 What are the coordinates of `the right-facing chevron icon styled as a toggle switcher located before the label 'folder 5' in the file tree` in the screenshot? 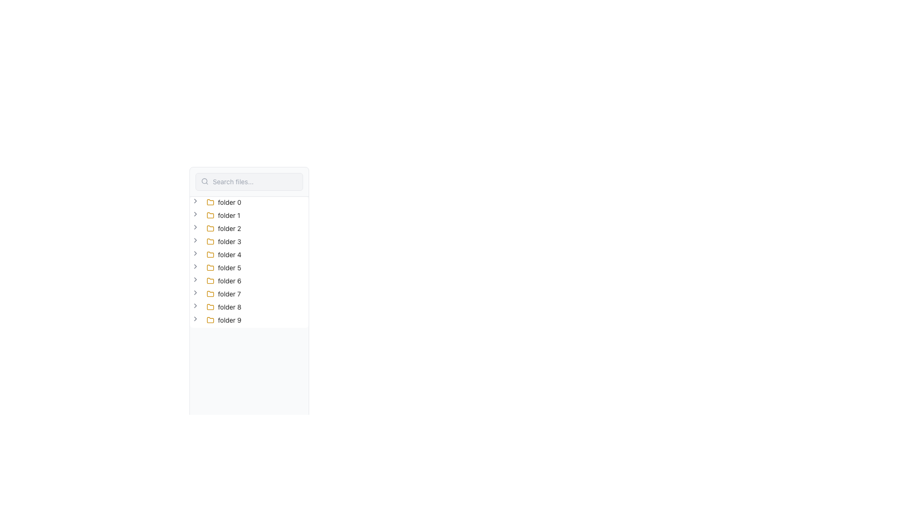 It's located at (195, 268).